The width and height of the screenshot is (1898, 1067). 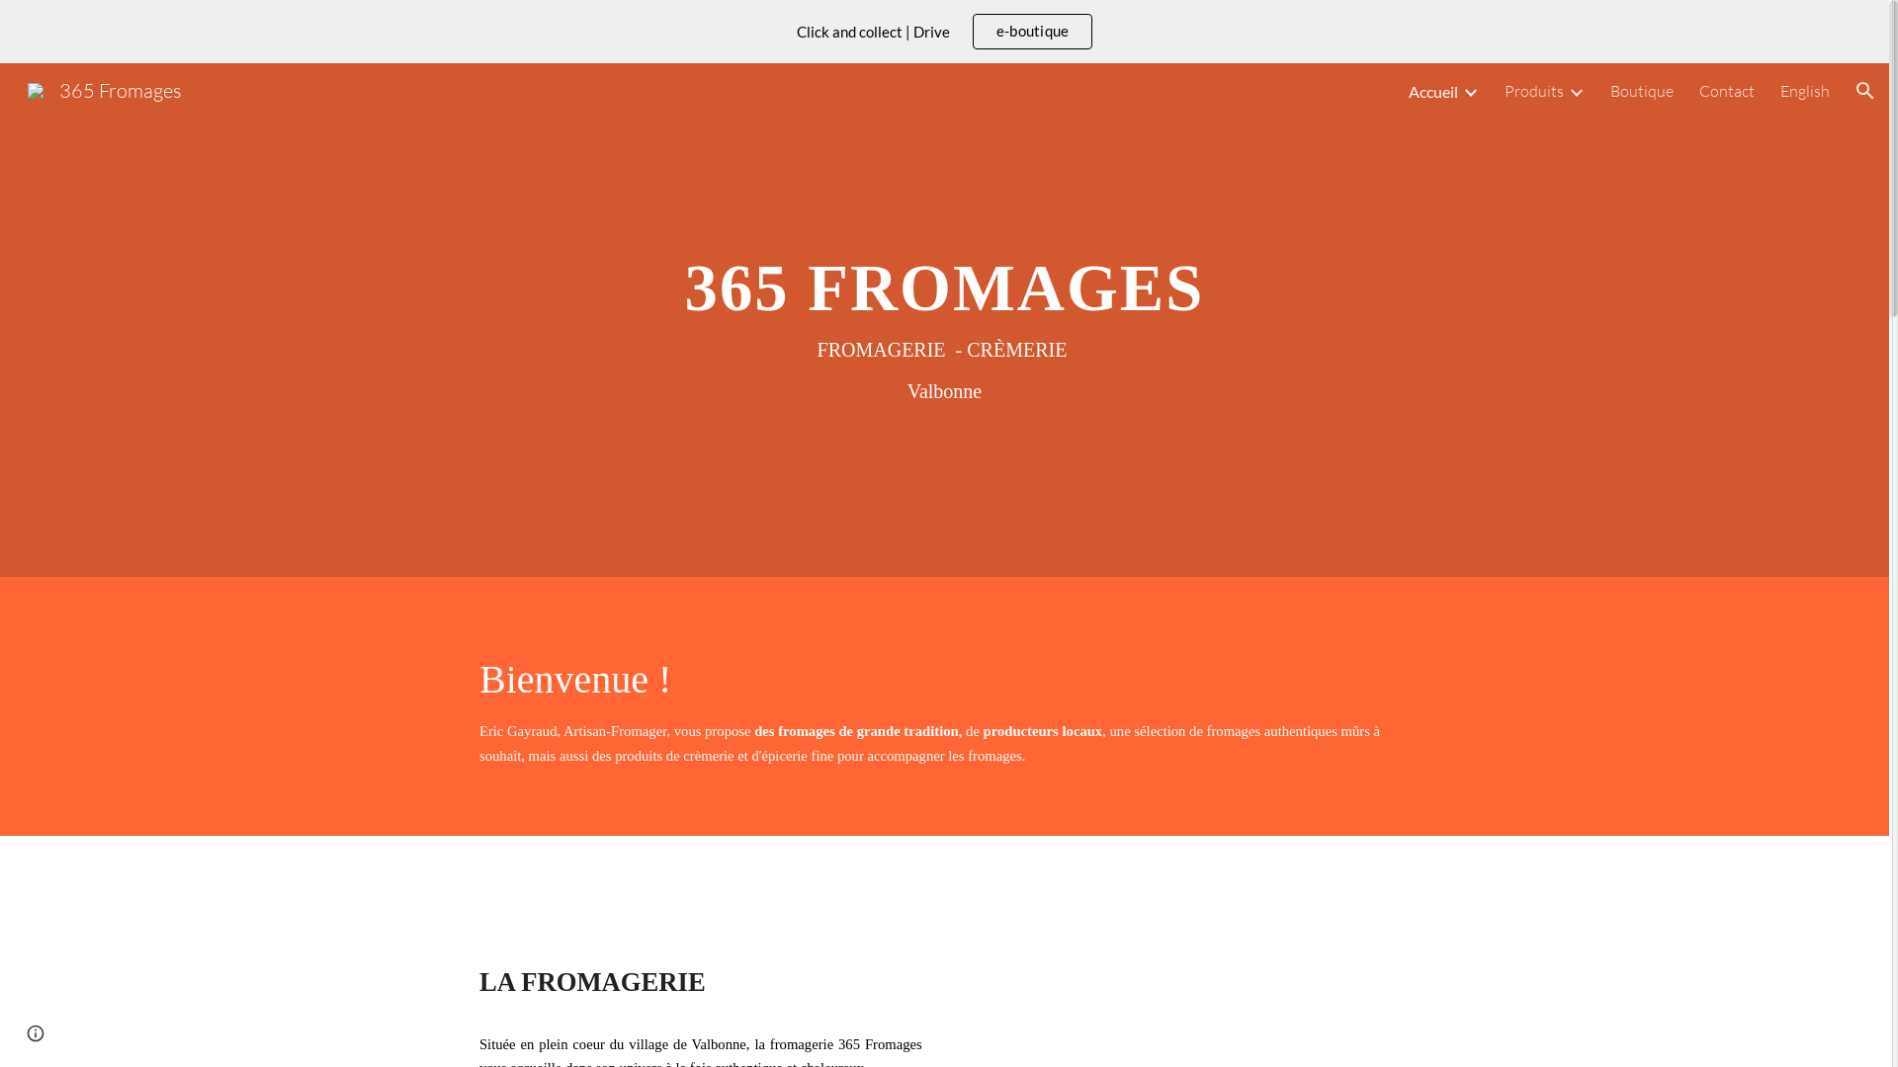 What do you see at coordinates (1565, 91) in the screenshot?
I see `'Expand/Collapse'` at bounding box center [1565, 91].